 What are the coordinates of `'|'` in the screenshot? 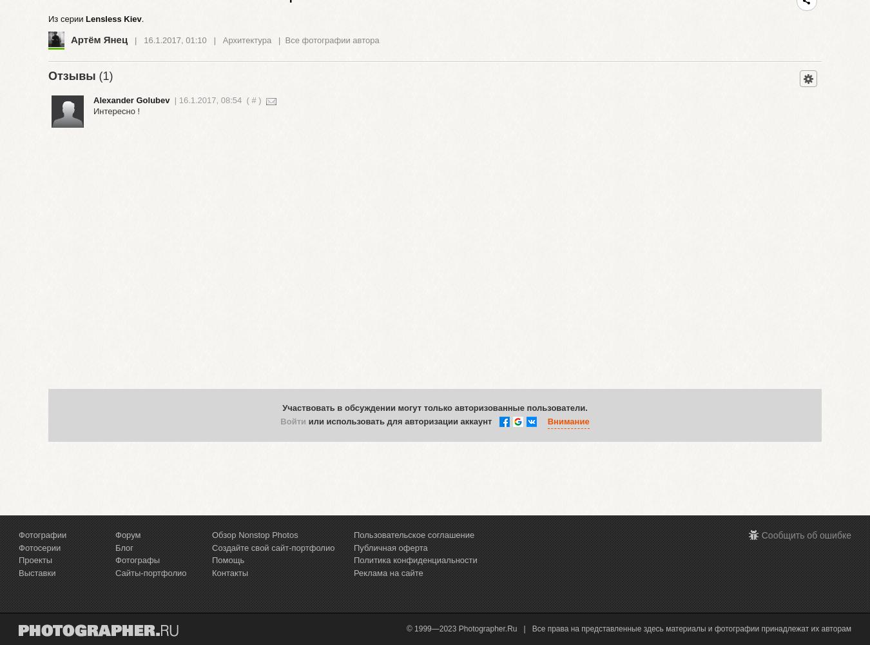 It's located at (278, 39).